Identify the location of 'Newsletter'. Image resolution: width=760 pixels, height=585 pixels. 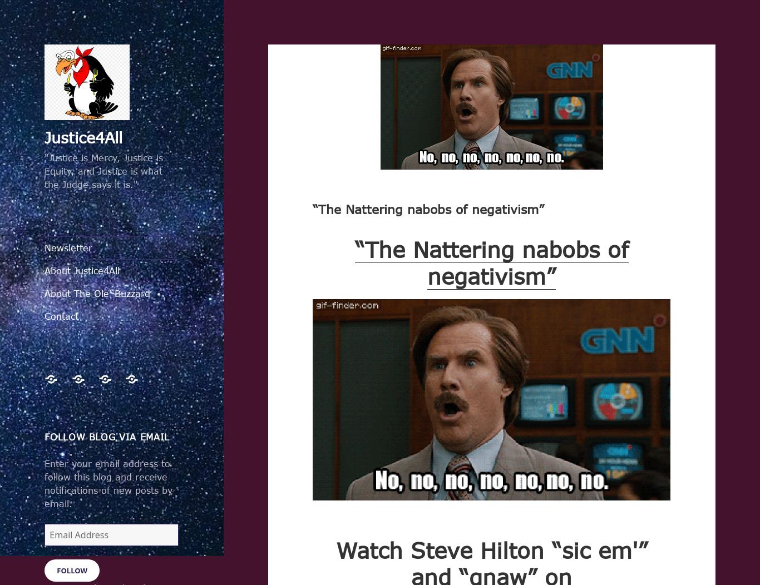
(45, 247).